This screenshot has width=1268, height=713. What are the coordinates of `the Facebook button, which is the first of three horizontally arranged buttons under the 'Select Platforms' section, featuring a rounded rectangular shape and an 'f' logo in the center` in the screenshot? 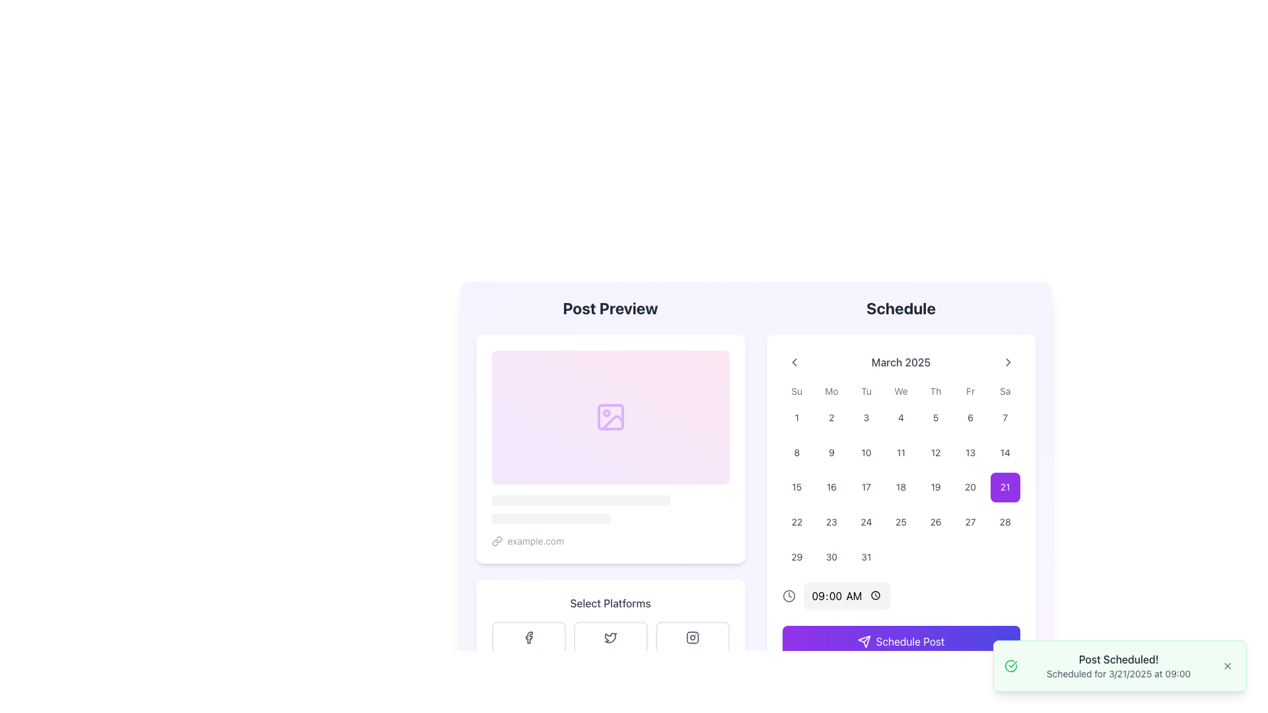 It's located at (528, 636).